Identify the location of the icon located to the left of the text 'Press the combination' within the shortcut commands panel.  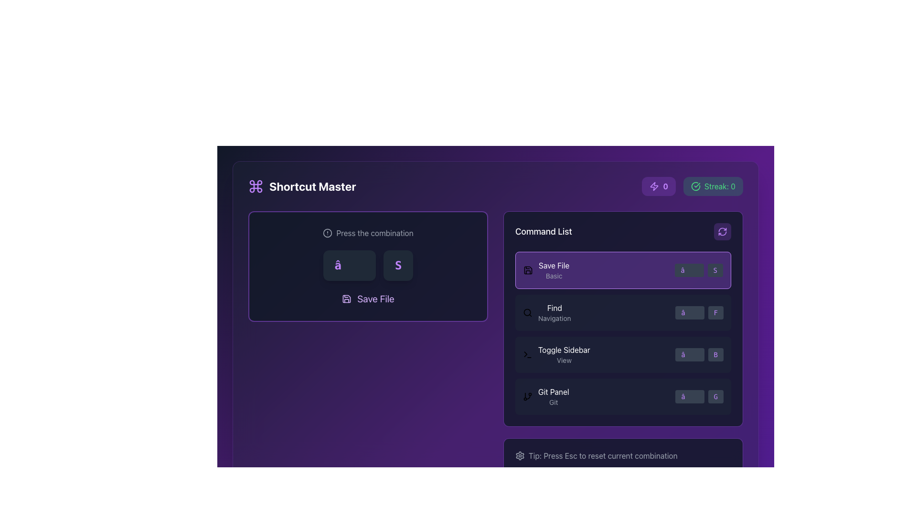
(328, 233).